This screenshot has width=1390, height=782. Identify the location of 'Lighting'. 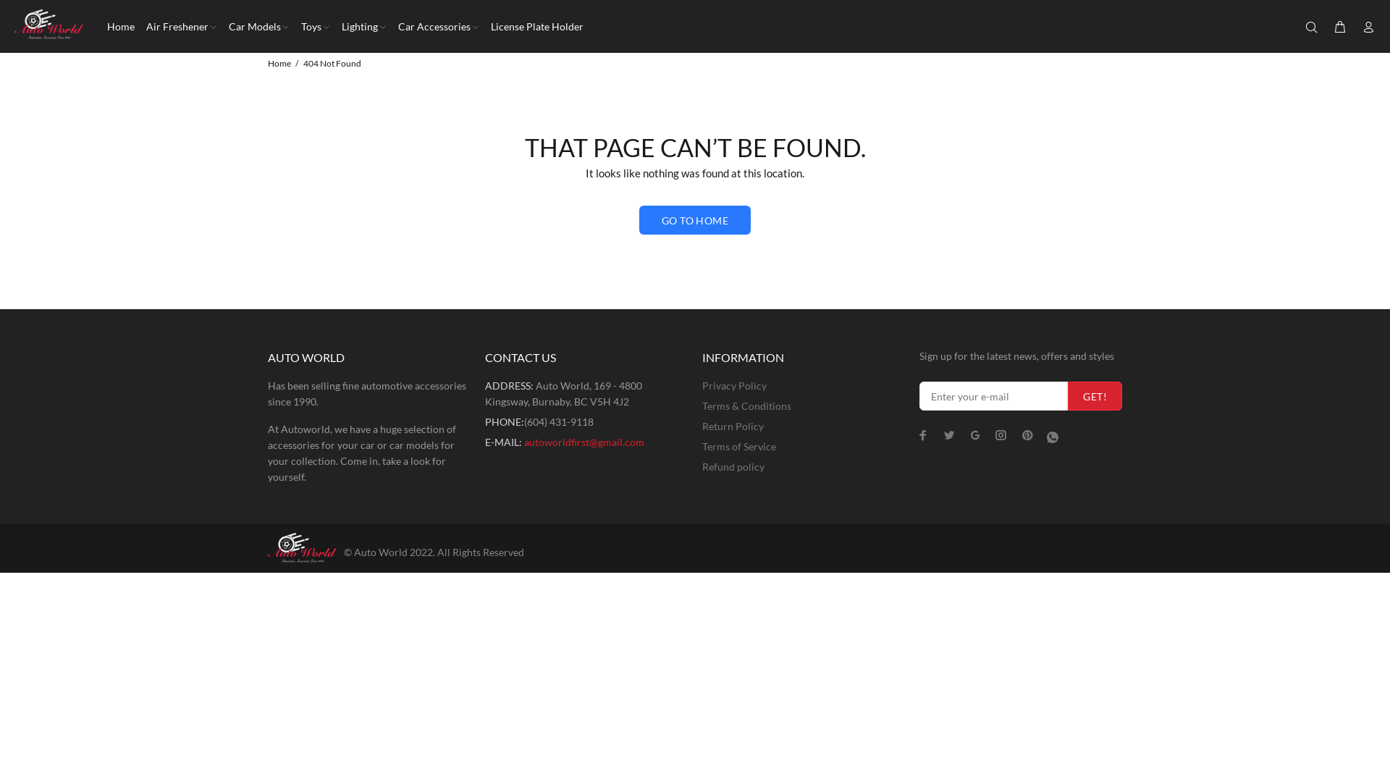
(335, 26).